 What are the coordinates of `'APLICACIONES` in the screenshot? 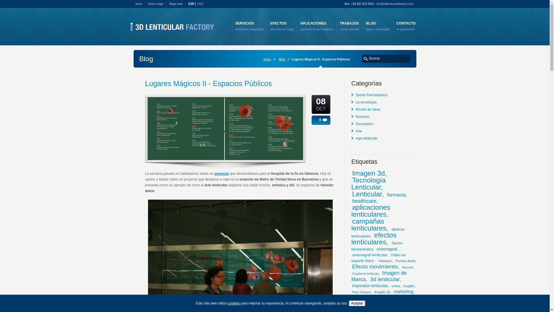 It's located at (316, 26).